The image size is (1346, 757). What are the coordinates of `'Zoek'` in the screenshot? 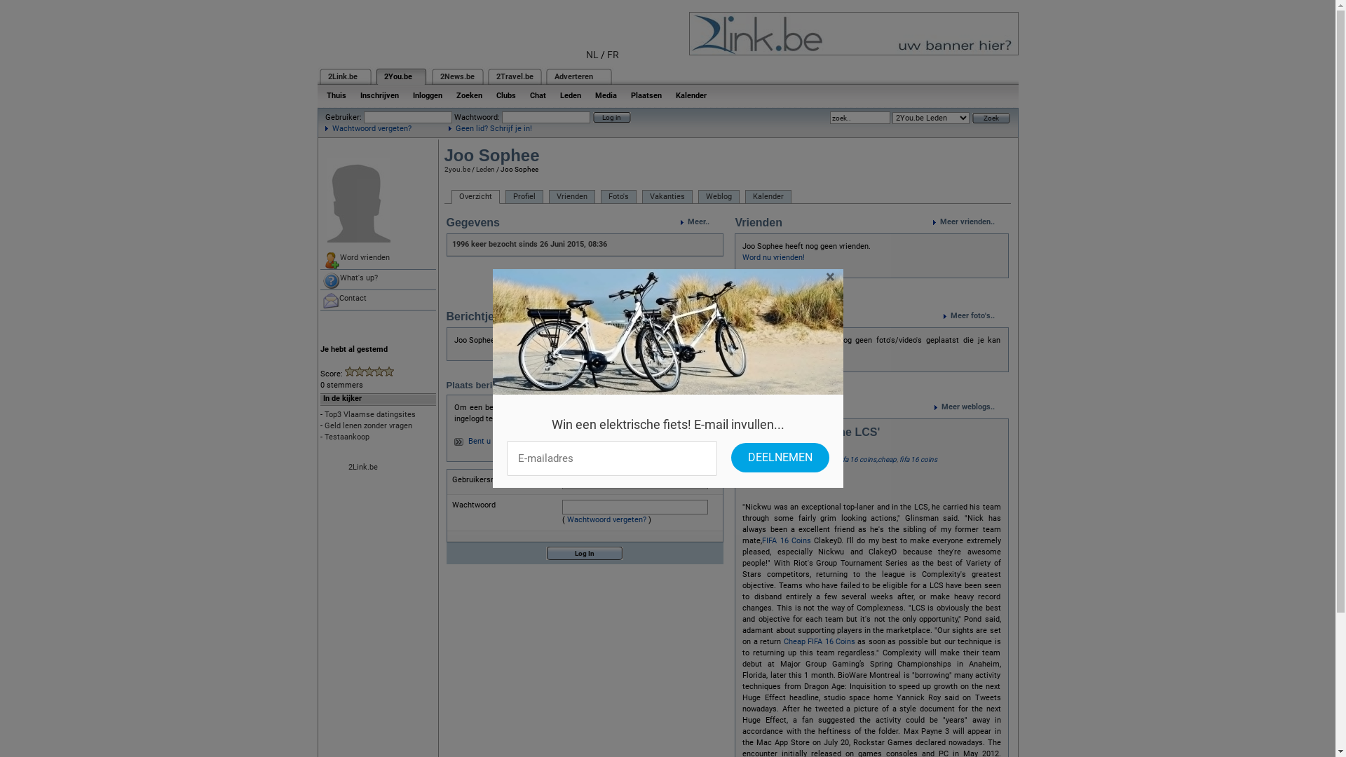 It's located at (989, 116).